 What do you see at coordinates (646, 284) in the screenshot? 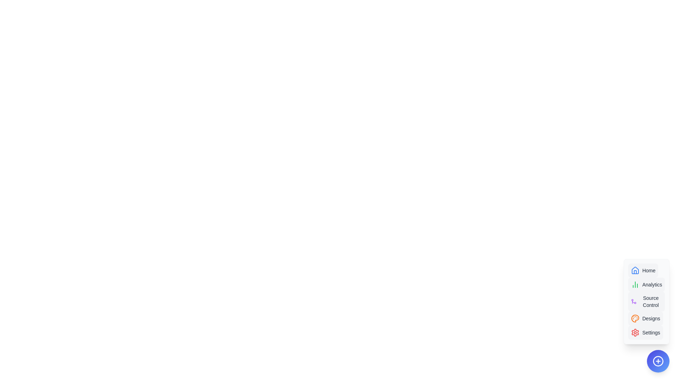
I see `the option Analytics in the AdvancedSpeedDial component` at bounding box center [646, 284].